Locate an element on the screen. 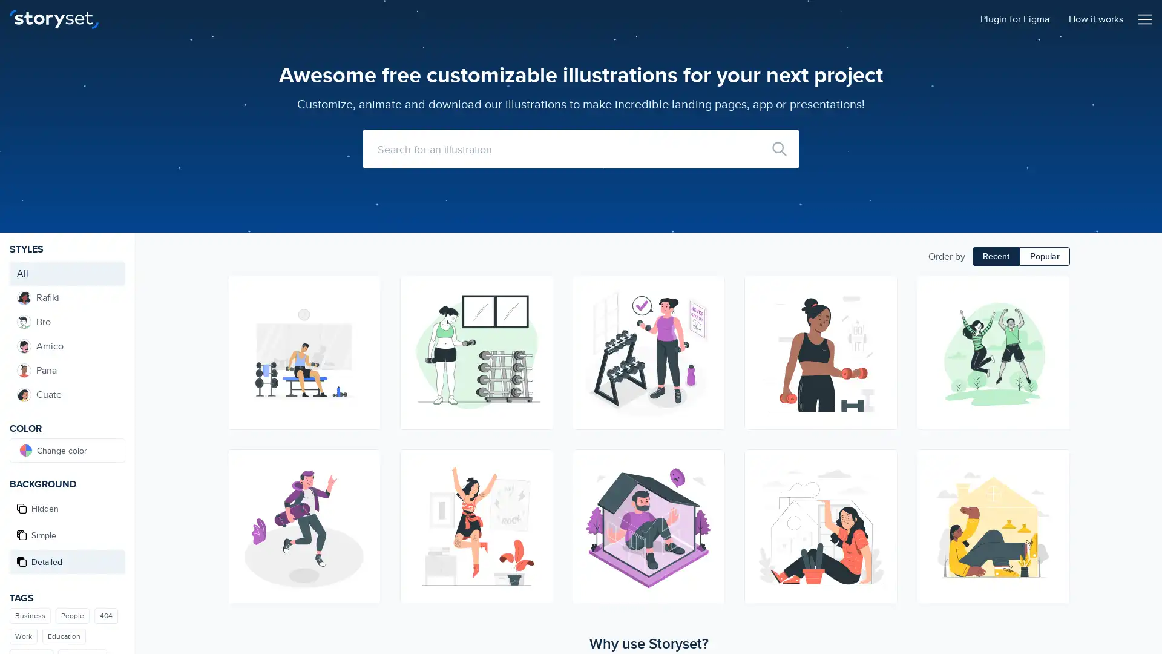 This screenshot has width=1162, height=654. Search button is located at coordinates (779, 148).